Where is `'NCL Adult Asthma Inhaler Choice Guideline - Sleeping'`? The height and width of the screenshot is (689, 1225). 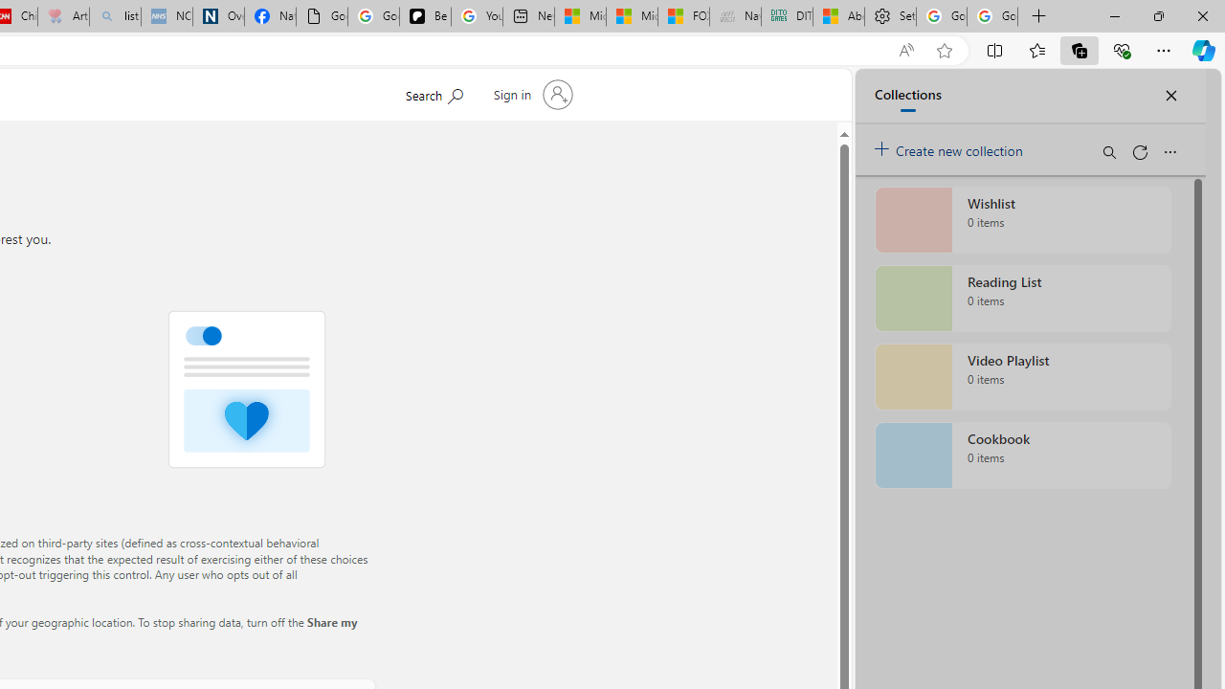 'NCL Adult Asthma Inhaler Choice Guideline - Sleeping' is located at coordinates (167, 16).